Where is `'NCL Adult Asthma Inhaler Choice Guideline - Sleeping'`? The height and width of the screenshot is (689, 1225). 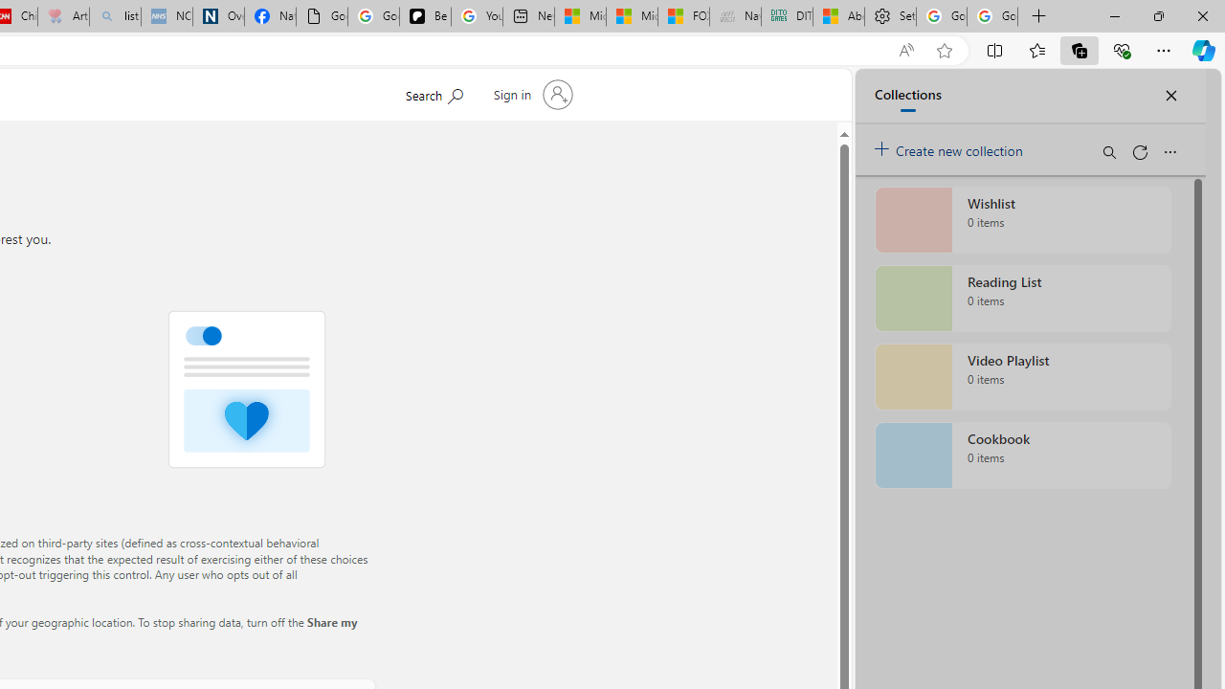 'NCL Adult Asthma Inhaler Choice Guideline - Sleeping' is located at coordinates (167, 16).